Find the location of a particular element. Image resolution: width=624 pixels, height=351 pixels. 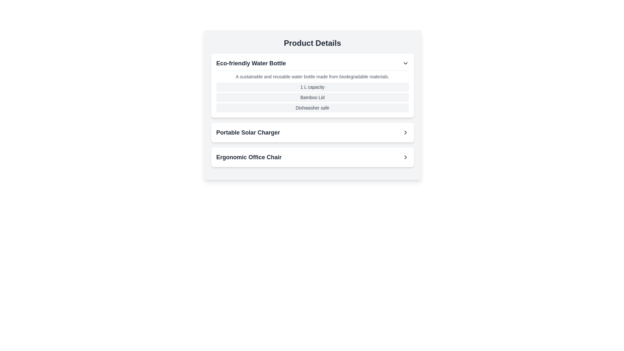

the text label that reads 'A sustainable and reusable water bottle made from biodegradable materials.' located beneath the 'Eco-friendly Water Bottle' heading in the 'Product Details' section is located at coordinates (312, 76).